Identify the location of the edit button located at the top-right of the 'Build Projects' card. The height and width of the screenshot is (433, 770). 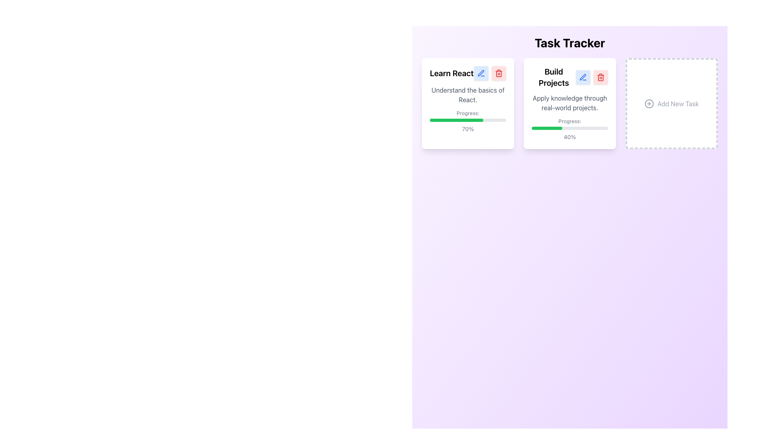
(583, 77).